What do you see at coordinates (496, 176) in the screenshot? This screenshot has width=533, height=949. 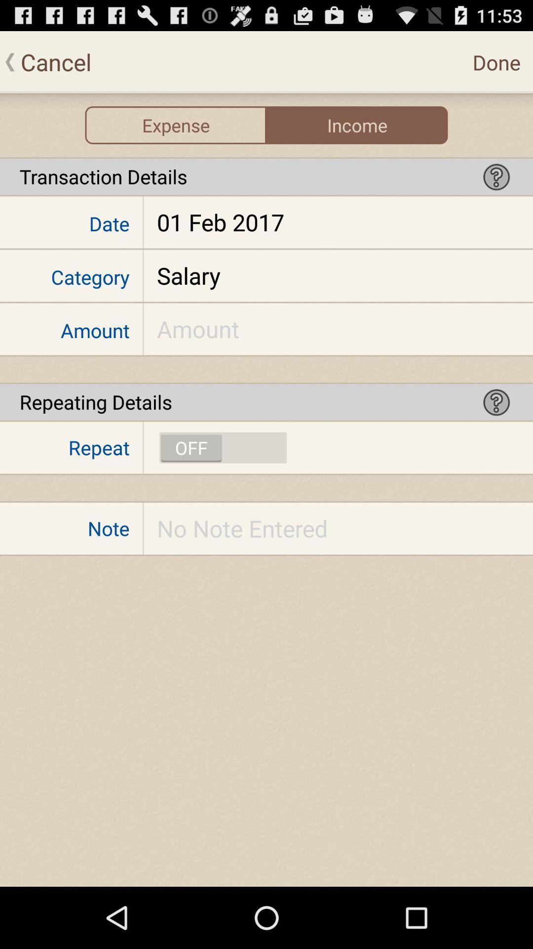 I see `help` at bounding box center [496, 176].